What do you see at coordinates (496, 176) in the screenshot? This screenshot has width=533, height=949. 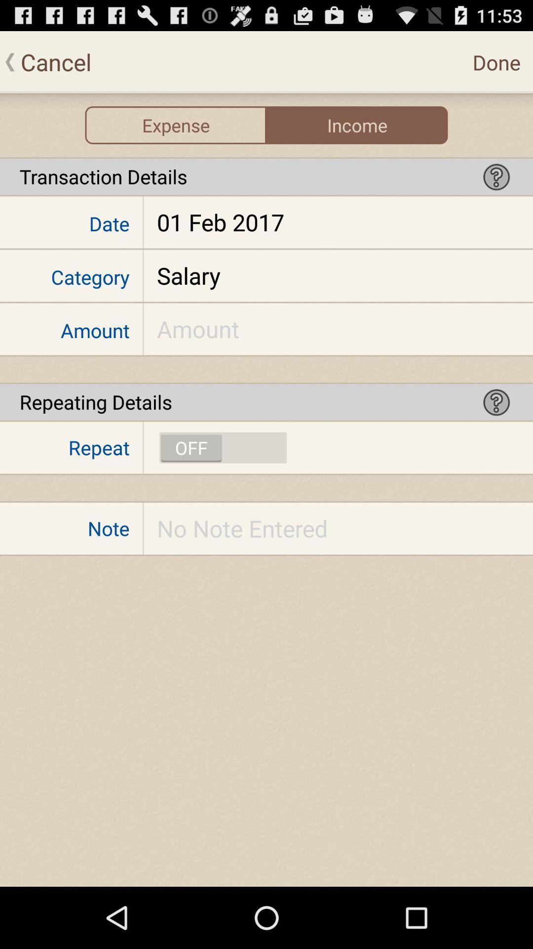 I see `help` at bounding box center [496, 176].